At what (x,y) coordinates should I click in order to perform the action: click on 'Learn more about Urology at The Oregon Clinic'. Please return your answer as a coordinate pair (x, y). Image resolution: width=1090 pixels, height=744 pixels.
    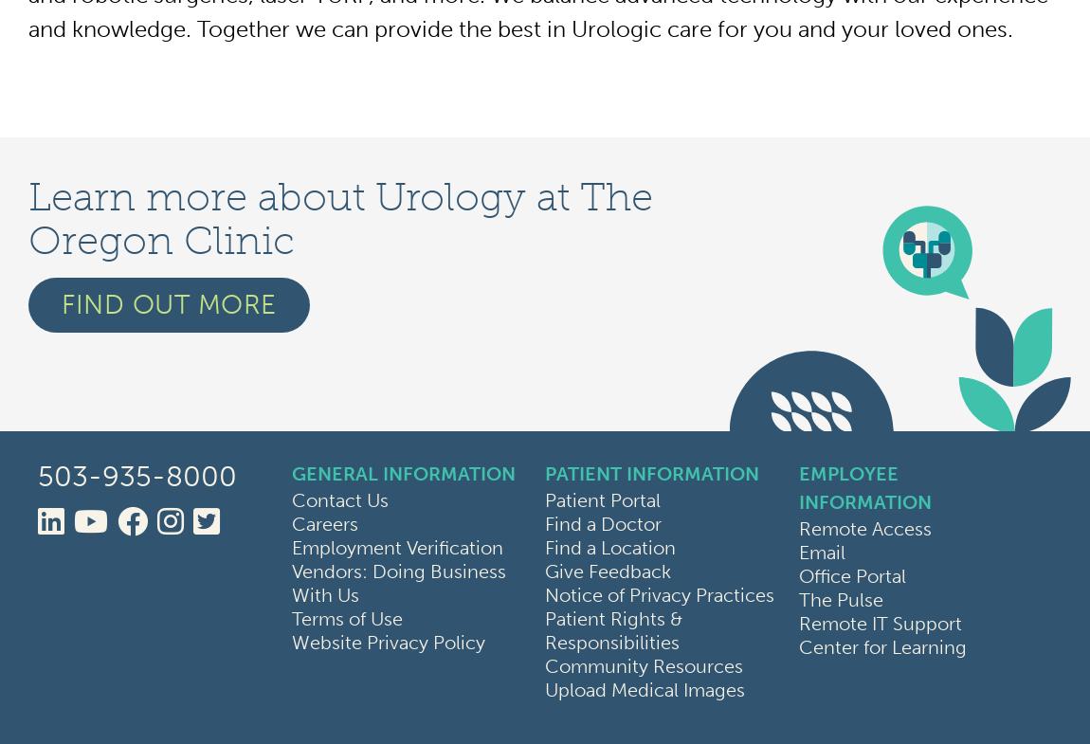
    Looking at the image, I should click on (340, 218).